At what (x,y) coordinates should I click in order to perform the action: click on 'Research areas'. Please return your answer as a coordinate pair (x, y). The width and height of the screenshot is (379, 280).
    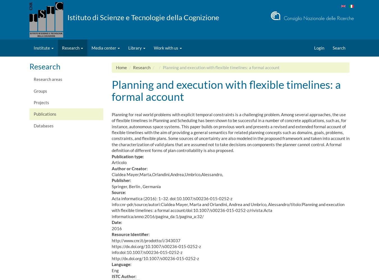
    Looking at the image, I should click on (48, 79).